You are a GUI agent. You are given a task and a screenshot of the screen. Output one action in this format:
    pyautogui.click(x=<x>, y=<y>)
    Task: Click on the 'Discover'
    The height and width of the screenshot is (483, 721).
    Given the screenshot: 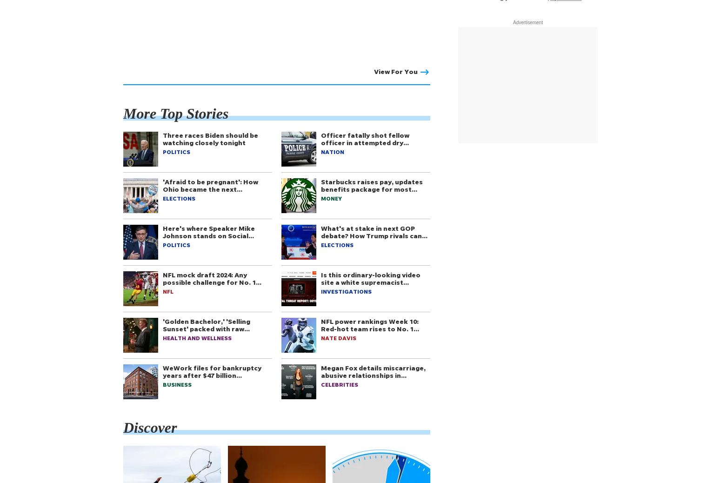 What is the action you would take?
    pyautogui.click(x=149, y=428)
    